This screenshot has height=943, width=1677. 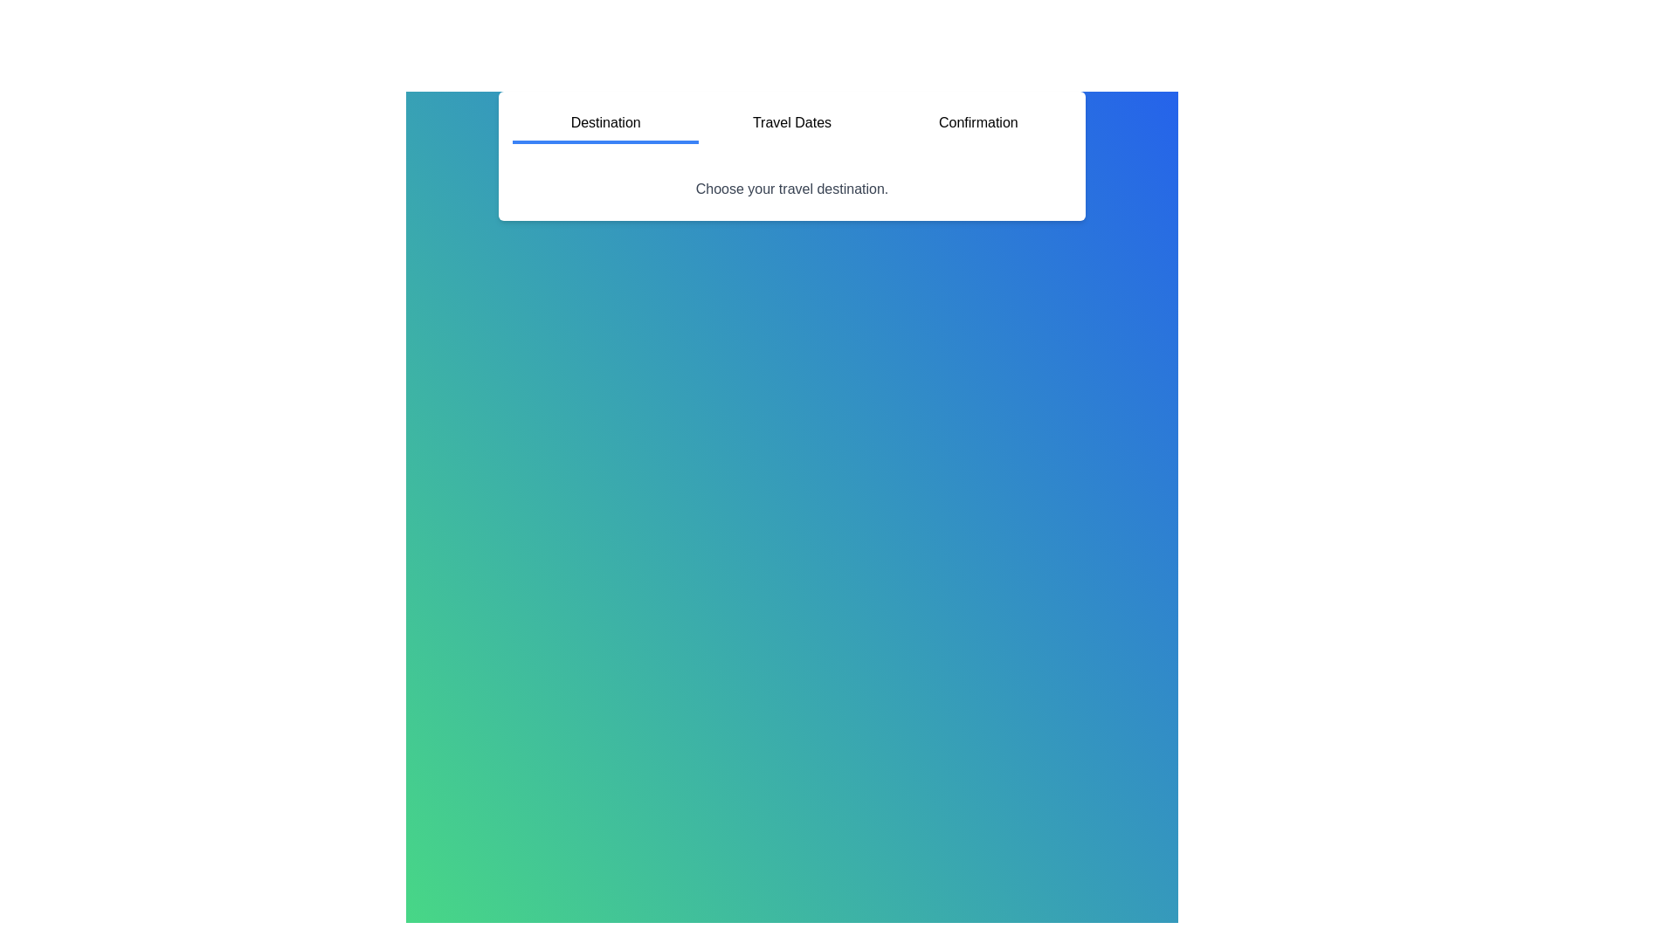 What do you see at coordinates (605, 123) in the screenshot?
I see `the 'Destination' tab` at bounding box center [605, 123].